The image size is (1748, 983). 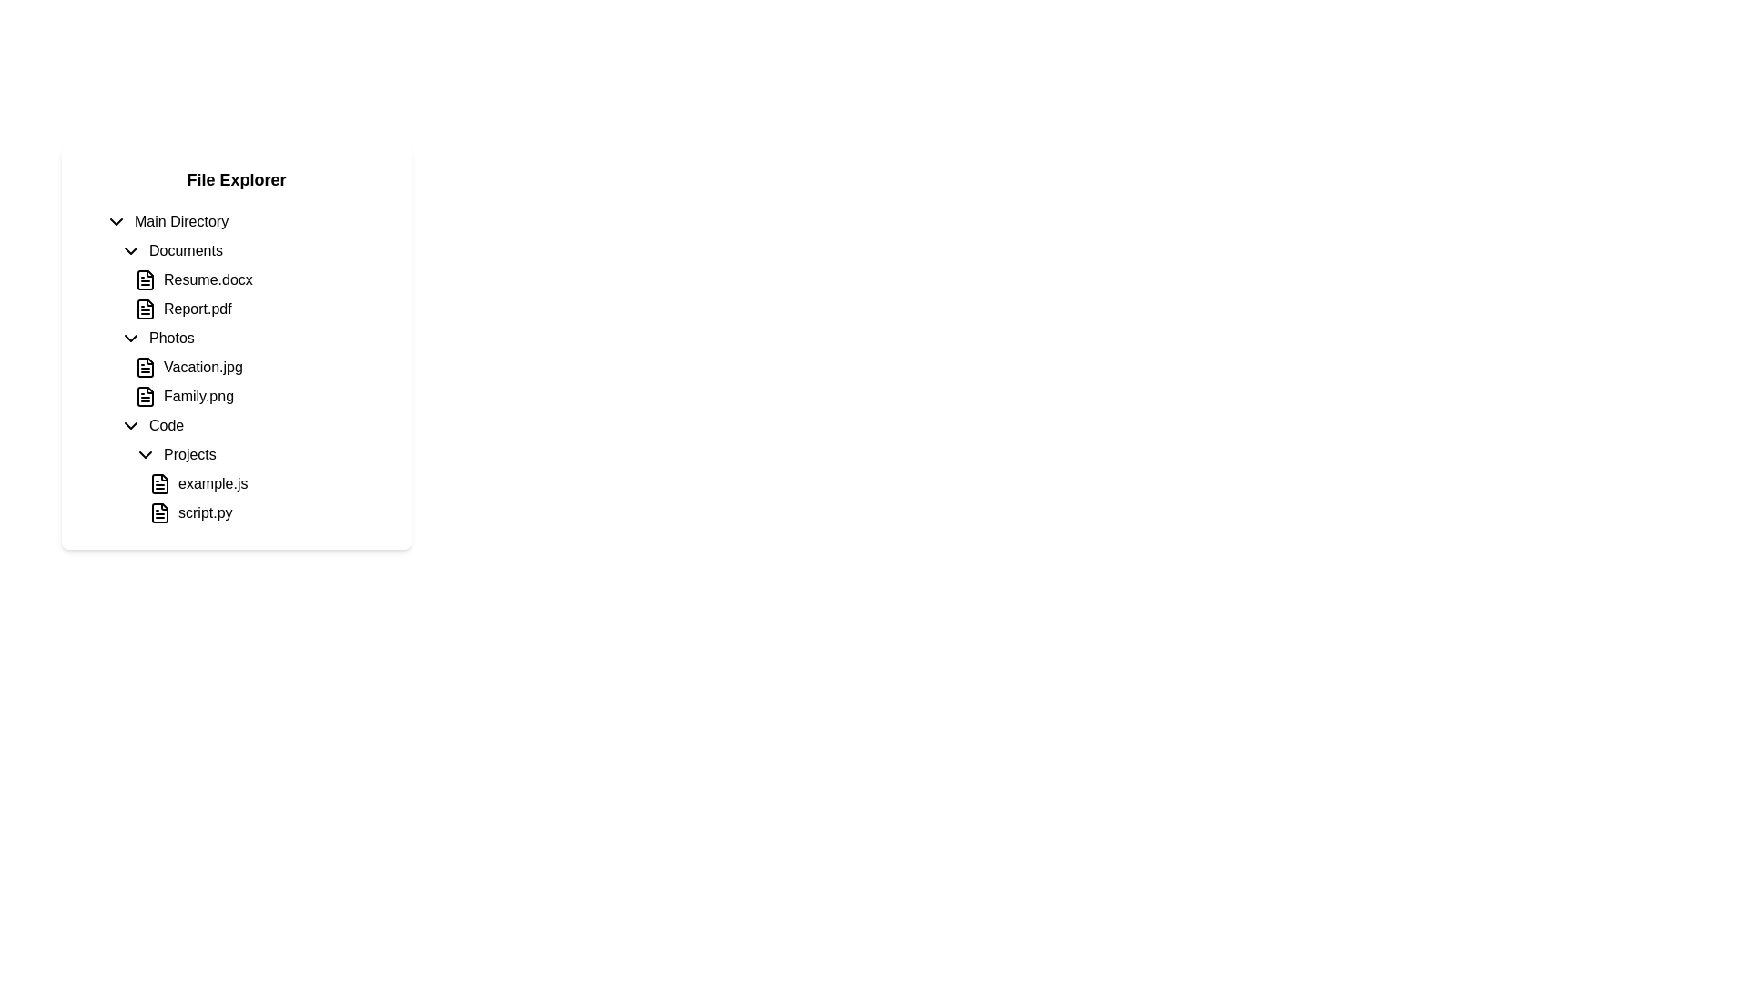 What do you see at coordinates (249, 308) in the screenshot?
I see `the 'Report.pdf' file from the Documents directory` at bounding box center [249, 308].